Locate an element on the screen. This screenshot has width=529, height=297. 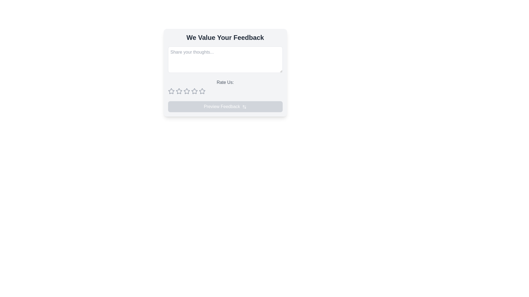
the second rating star icon located below the 'Rate Us' text area to assign a rating is located at coordinates (179, 91).